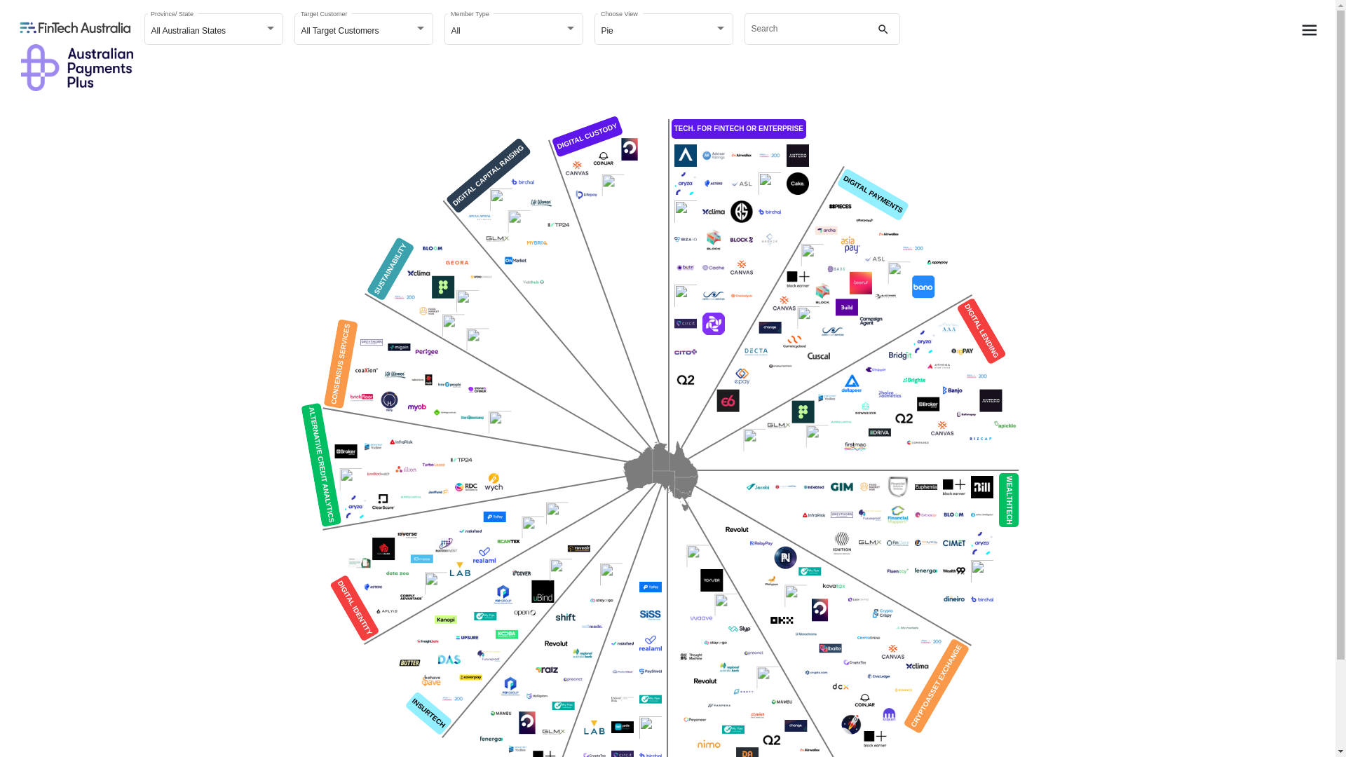  I want to click on 'Mambu Australia Pty Ltd', so click(780, 702).